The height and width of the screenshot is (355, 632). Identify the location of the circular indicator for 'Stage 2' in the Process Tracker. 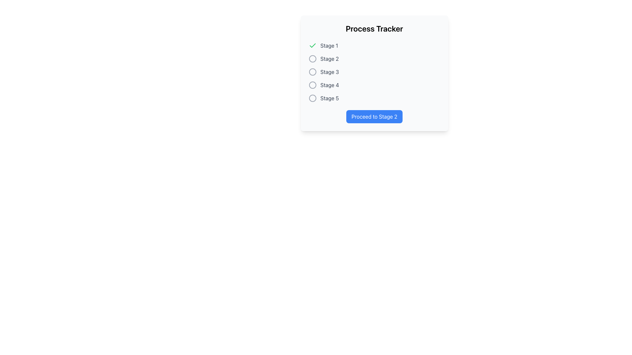
(312, 58).